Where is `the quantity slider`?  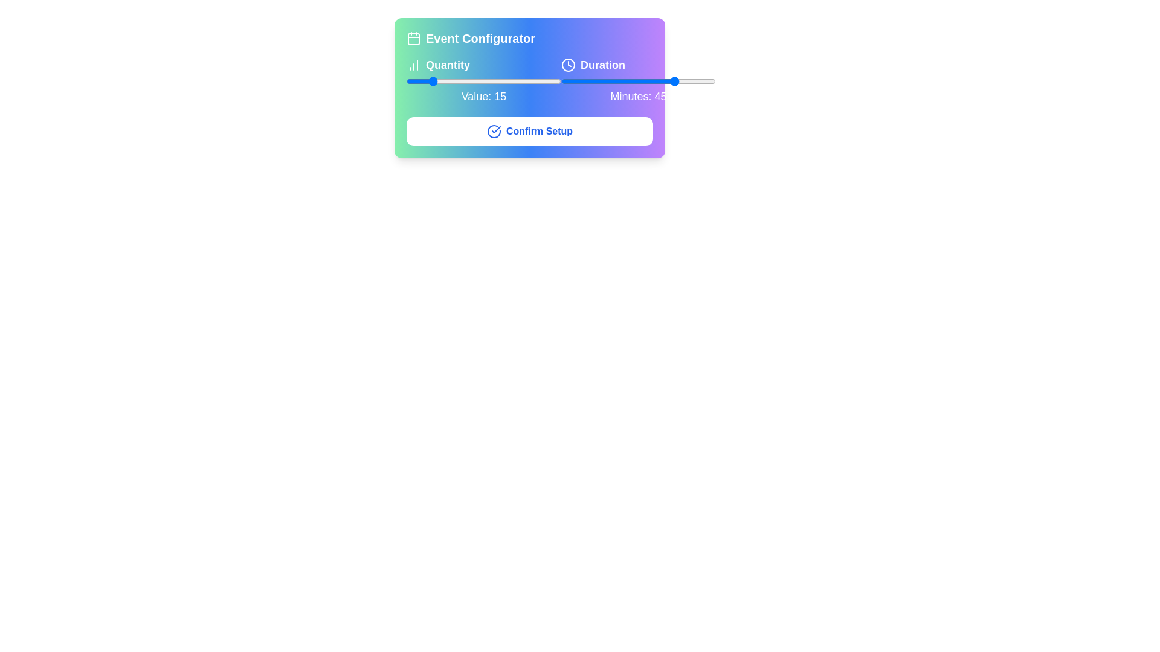 the quantity slider is located at coordinates (414, 81).